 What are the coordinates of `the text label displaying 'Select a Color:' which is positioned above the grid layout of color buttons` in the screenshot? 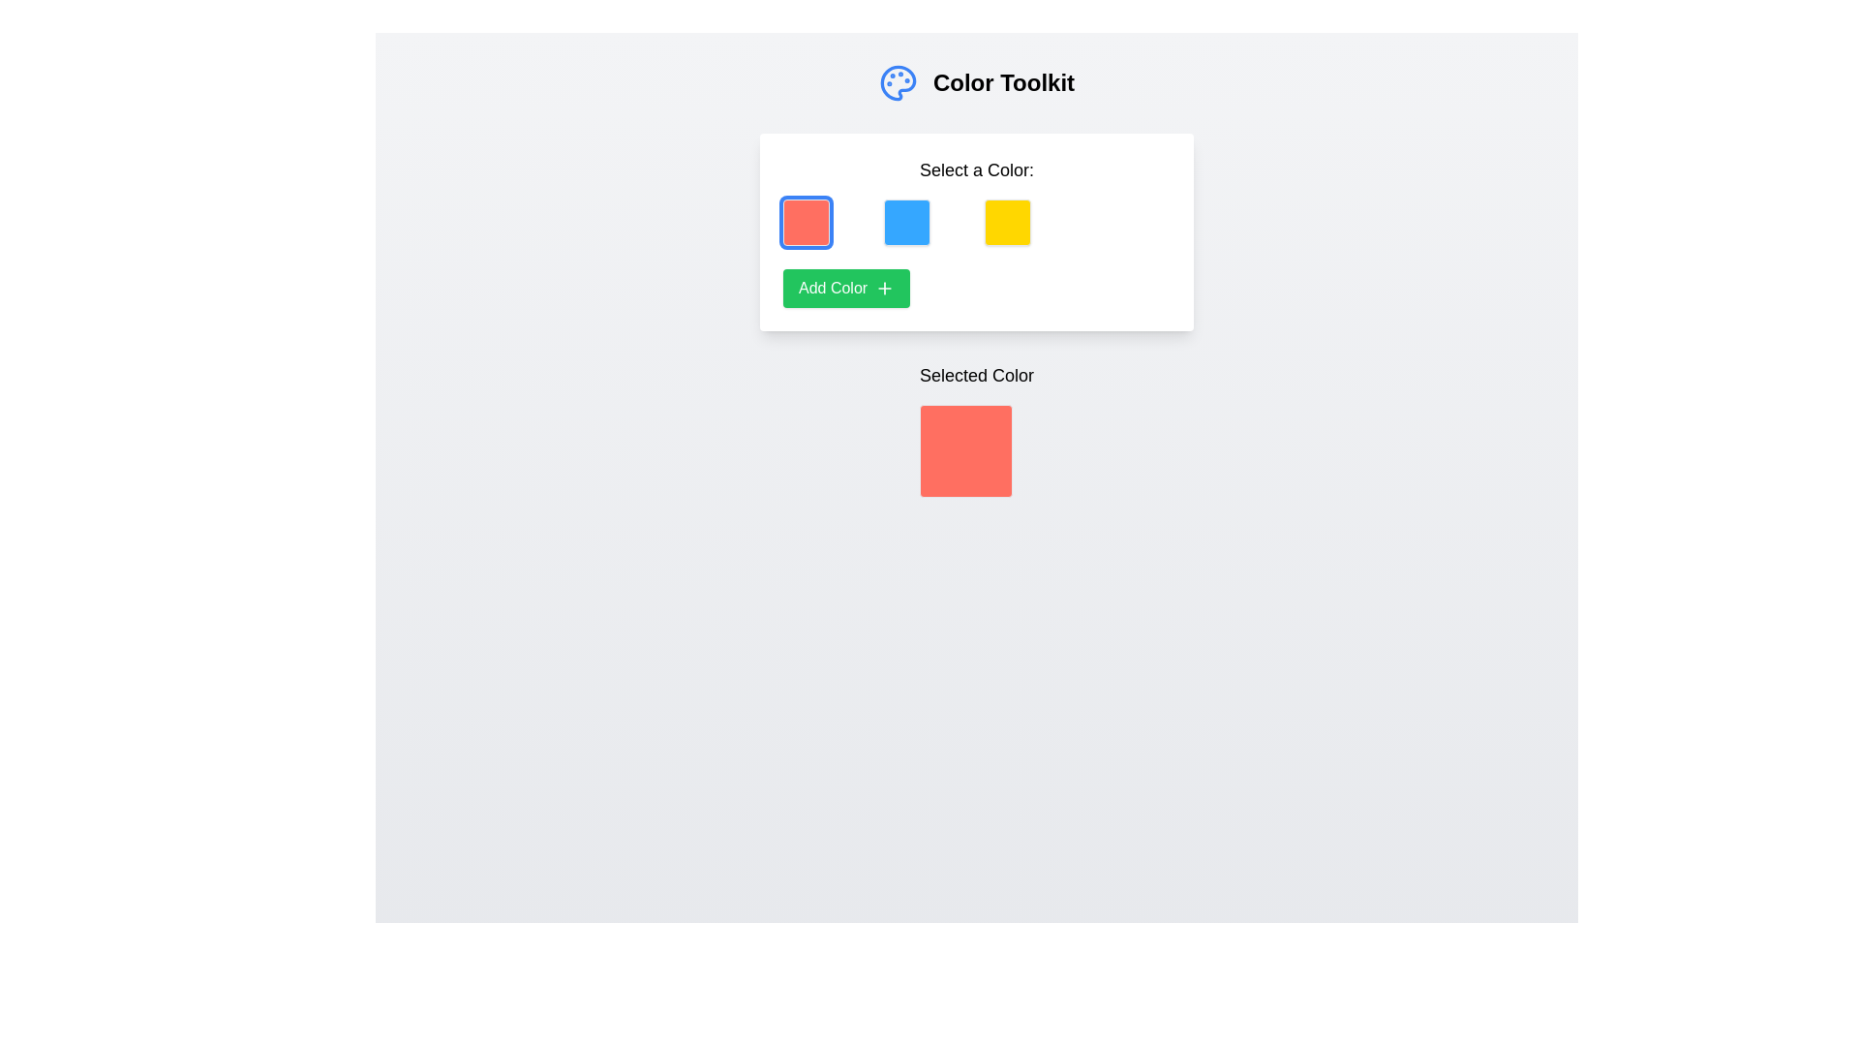 It's located at (976, 169).